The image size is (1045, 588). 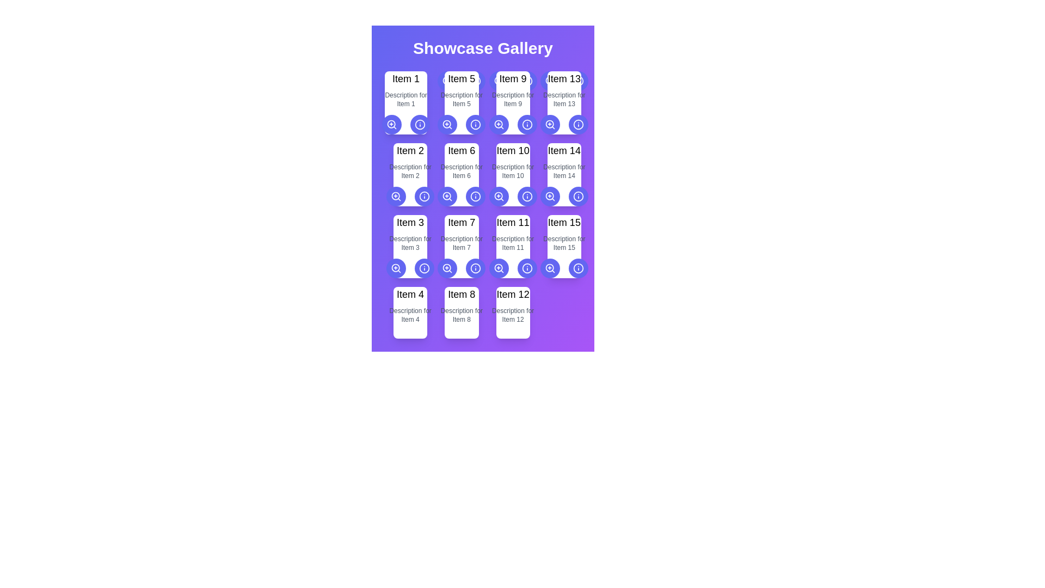 I want to click on the information button located at the bottom-right corner of the 'Item 7' card, so click(x=424, y=268).